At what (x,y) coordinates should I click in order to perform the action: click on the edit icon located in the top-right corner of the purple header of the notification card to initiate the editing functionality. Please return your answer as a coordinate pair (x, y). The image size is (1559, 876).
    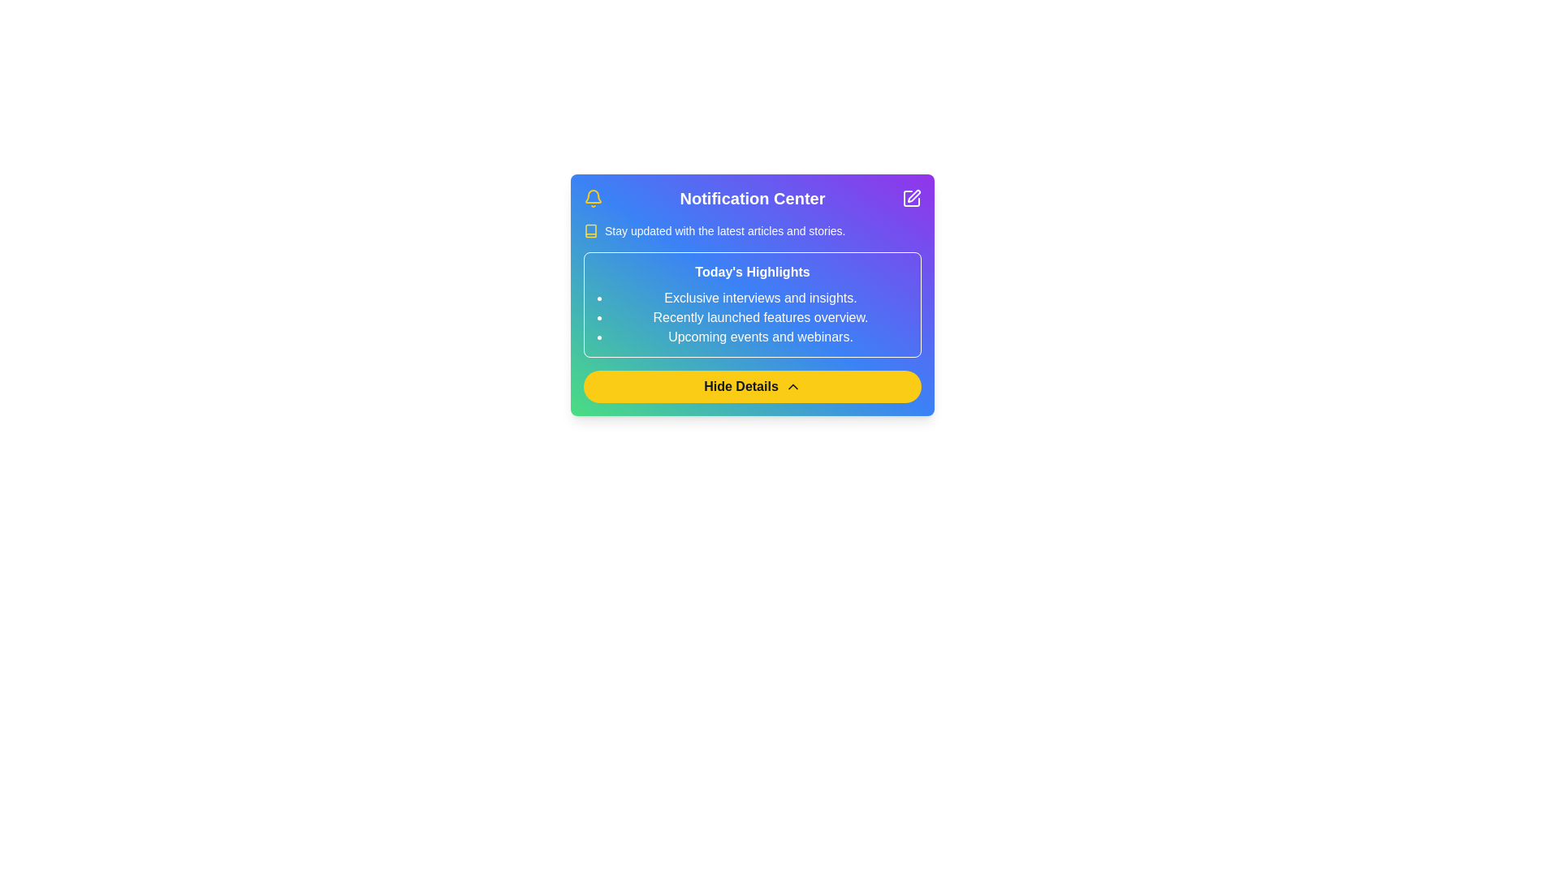
    Looking at the image, I should click on (914, 195).